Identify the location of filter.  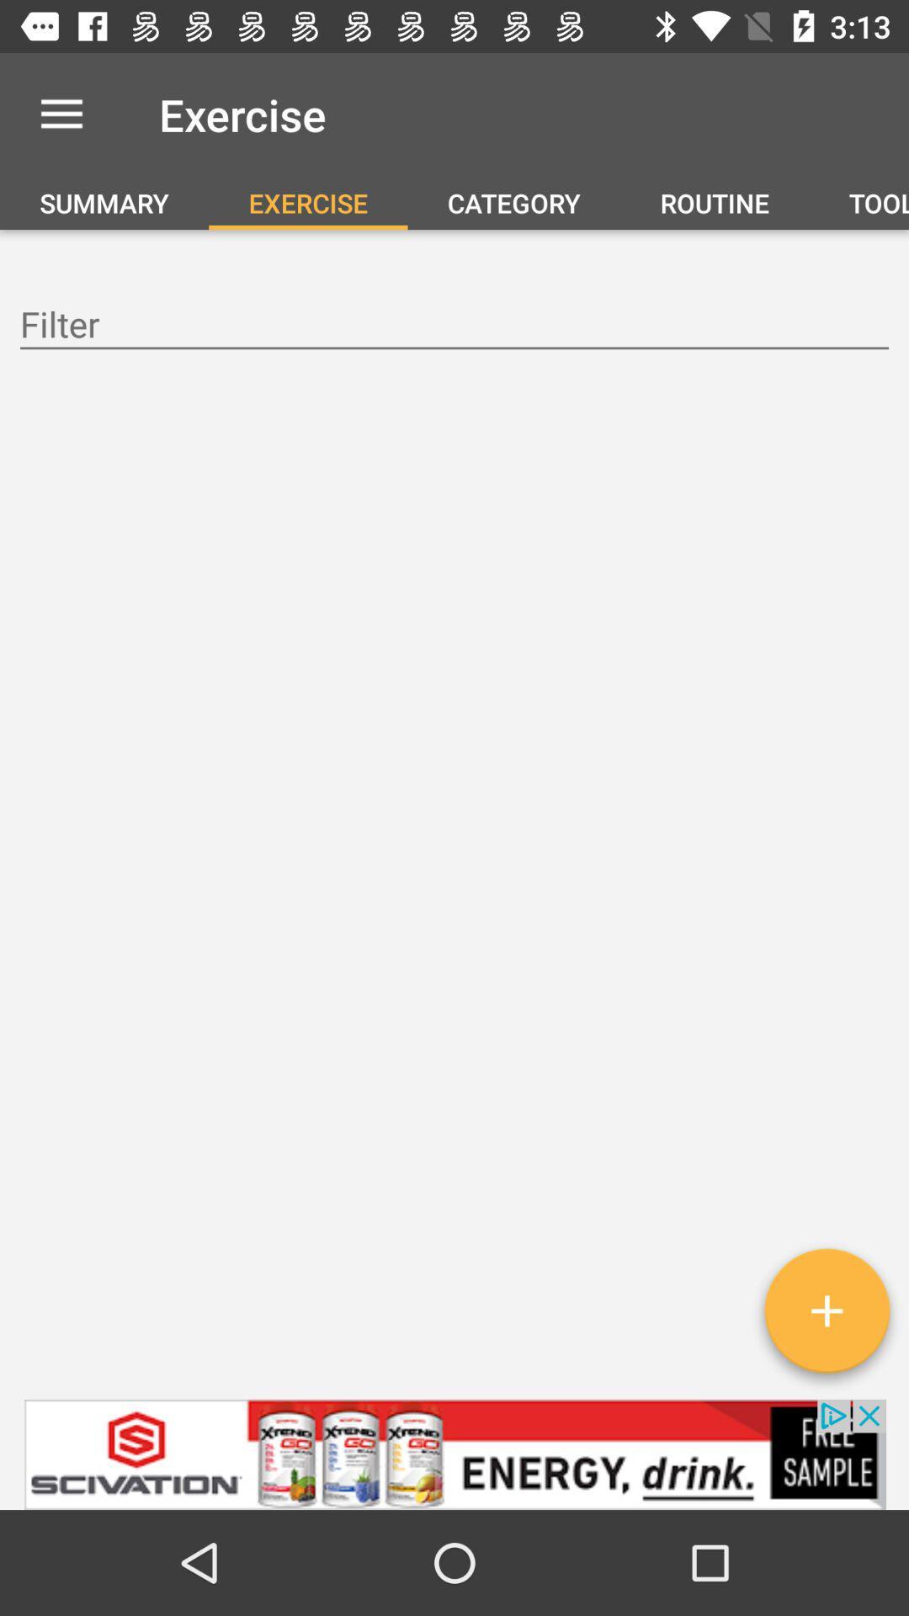
(454, 327).